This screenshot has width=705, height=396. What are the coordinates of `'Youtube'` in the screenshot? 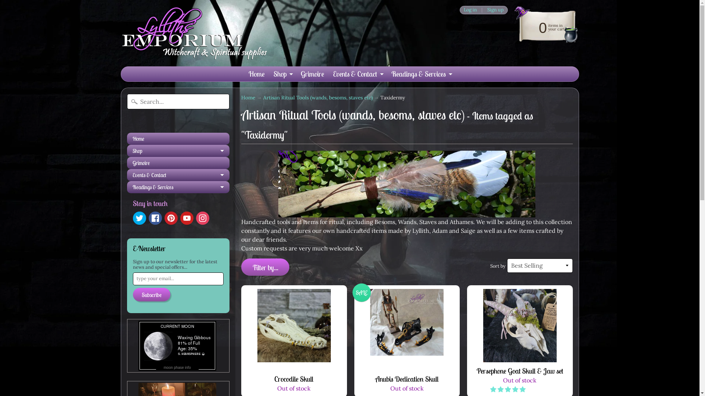 It's located at (187, 217).